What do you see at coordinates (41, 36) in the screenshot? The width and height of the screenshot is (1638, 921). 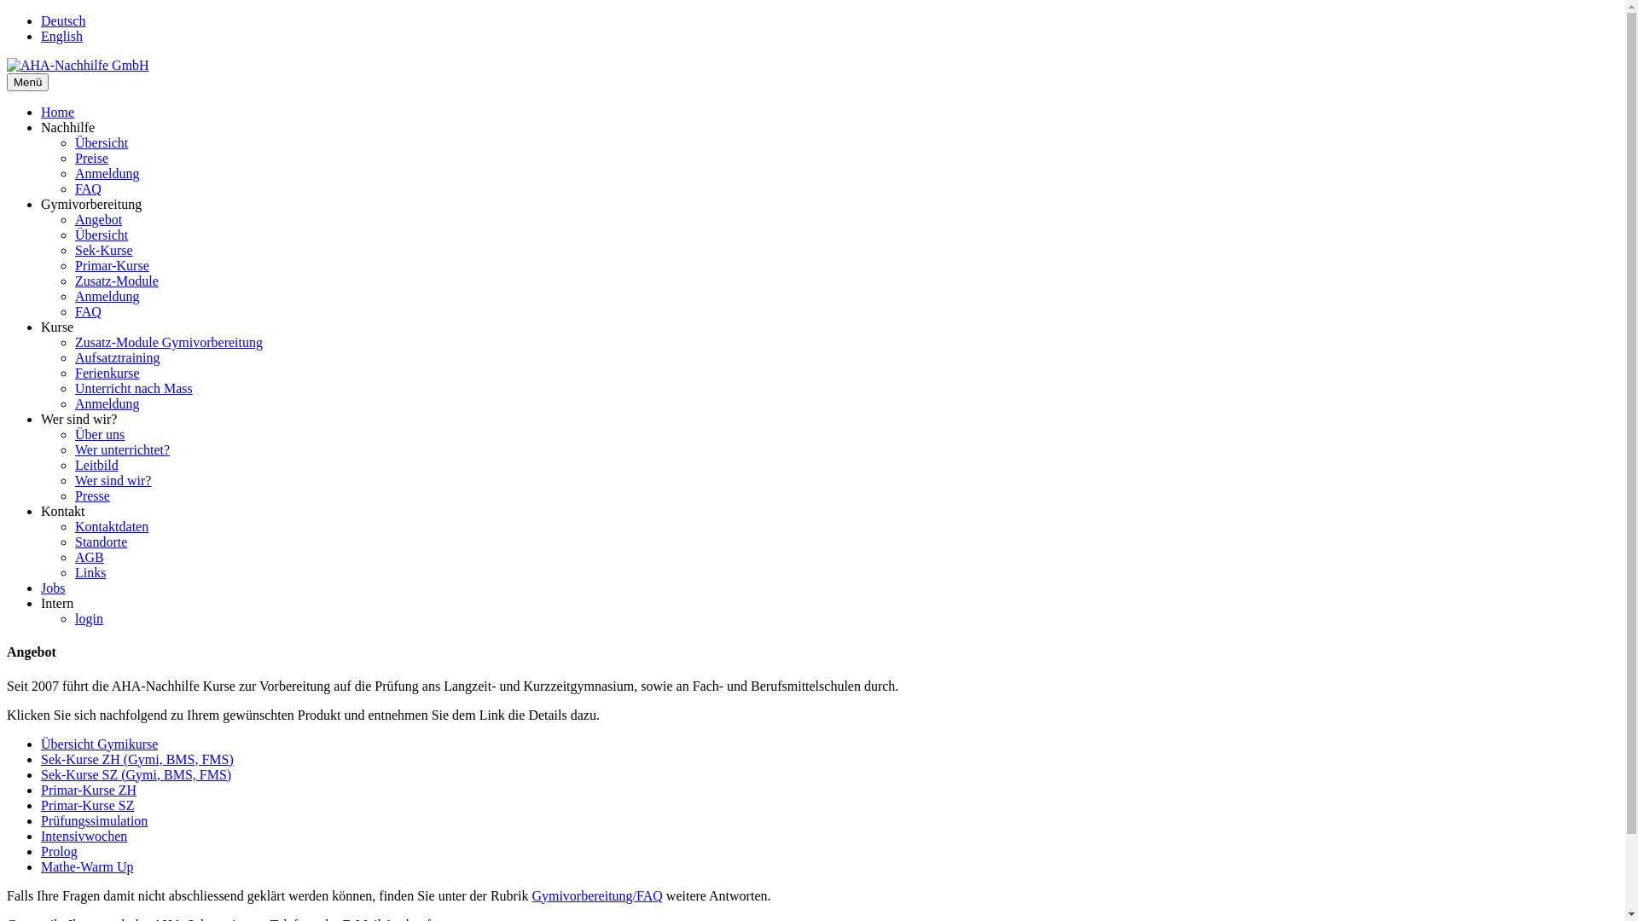 I see `'English'` at bounding box center [41, 36].